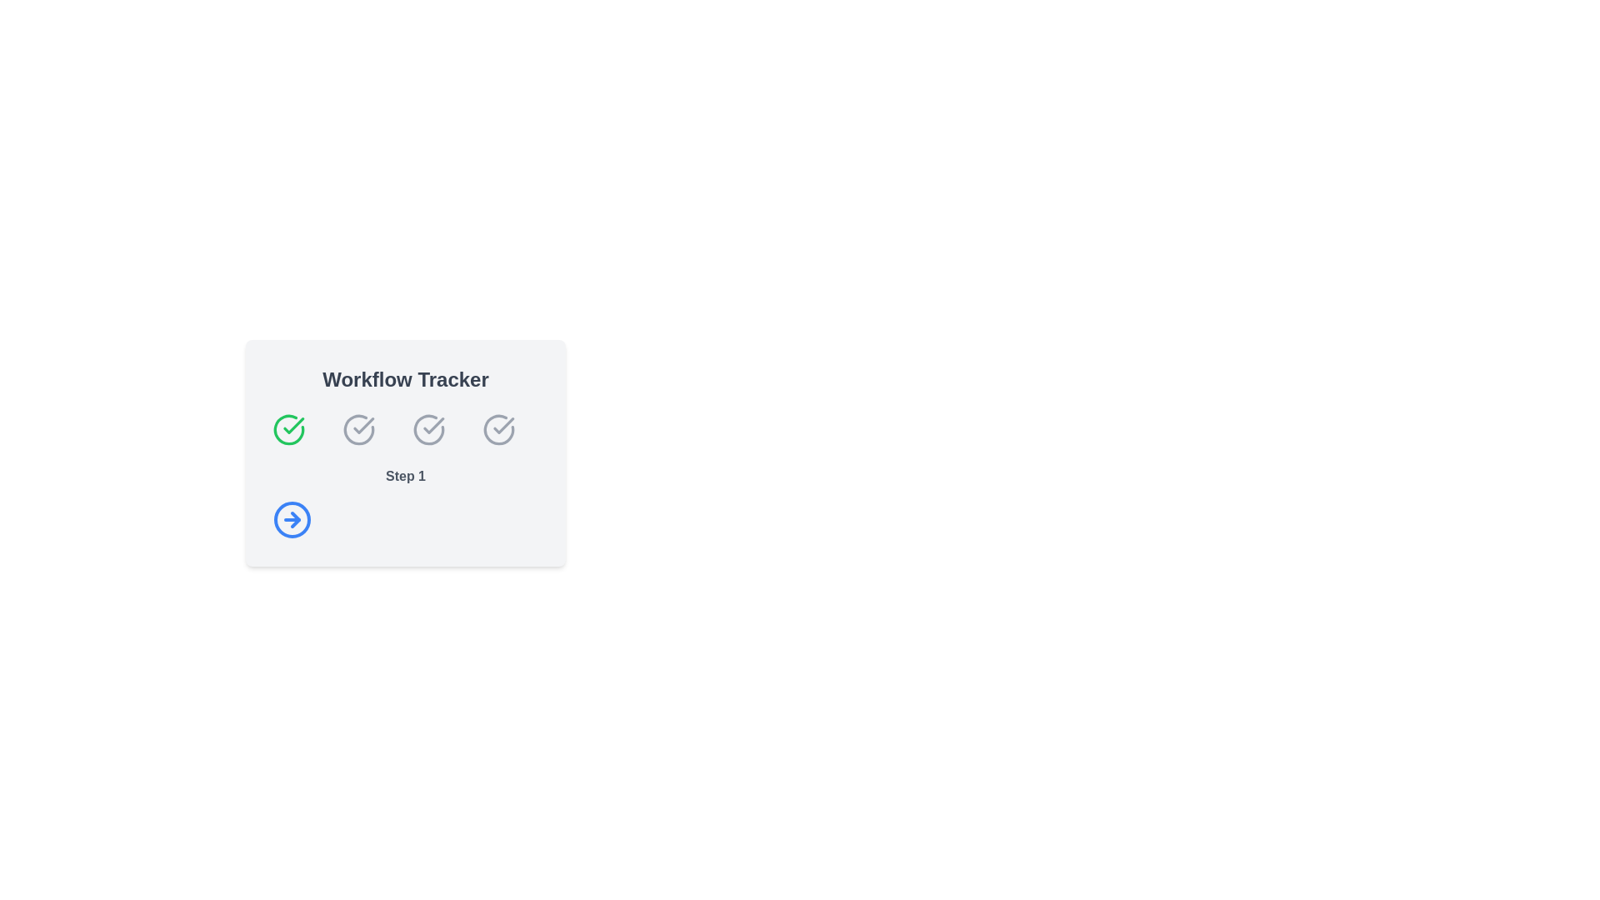 Image resolution: width=1600 pixels, height=900 pixels. I want to click on the text indicator for 'Step 1', so click(405, 476).